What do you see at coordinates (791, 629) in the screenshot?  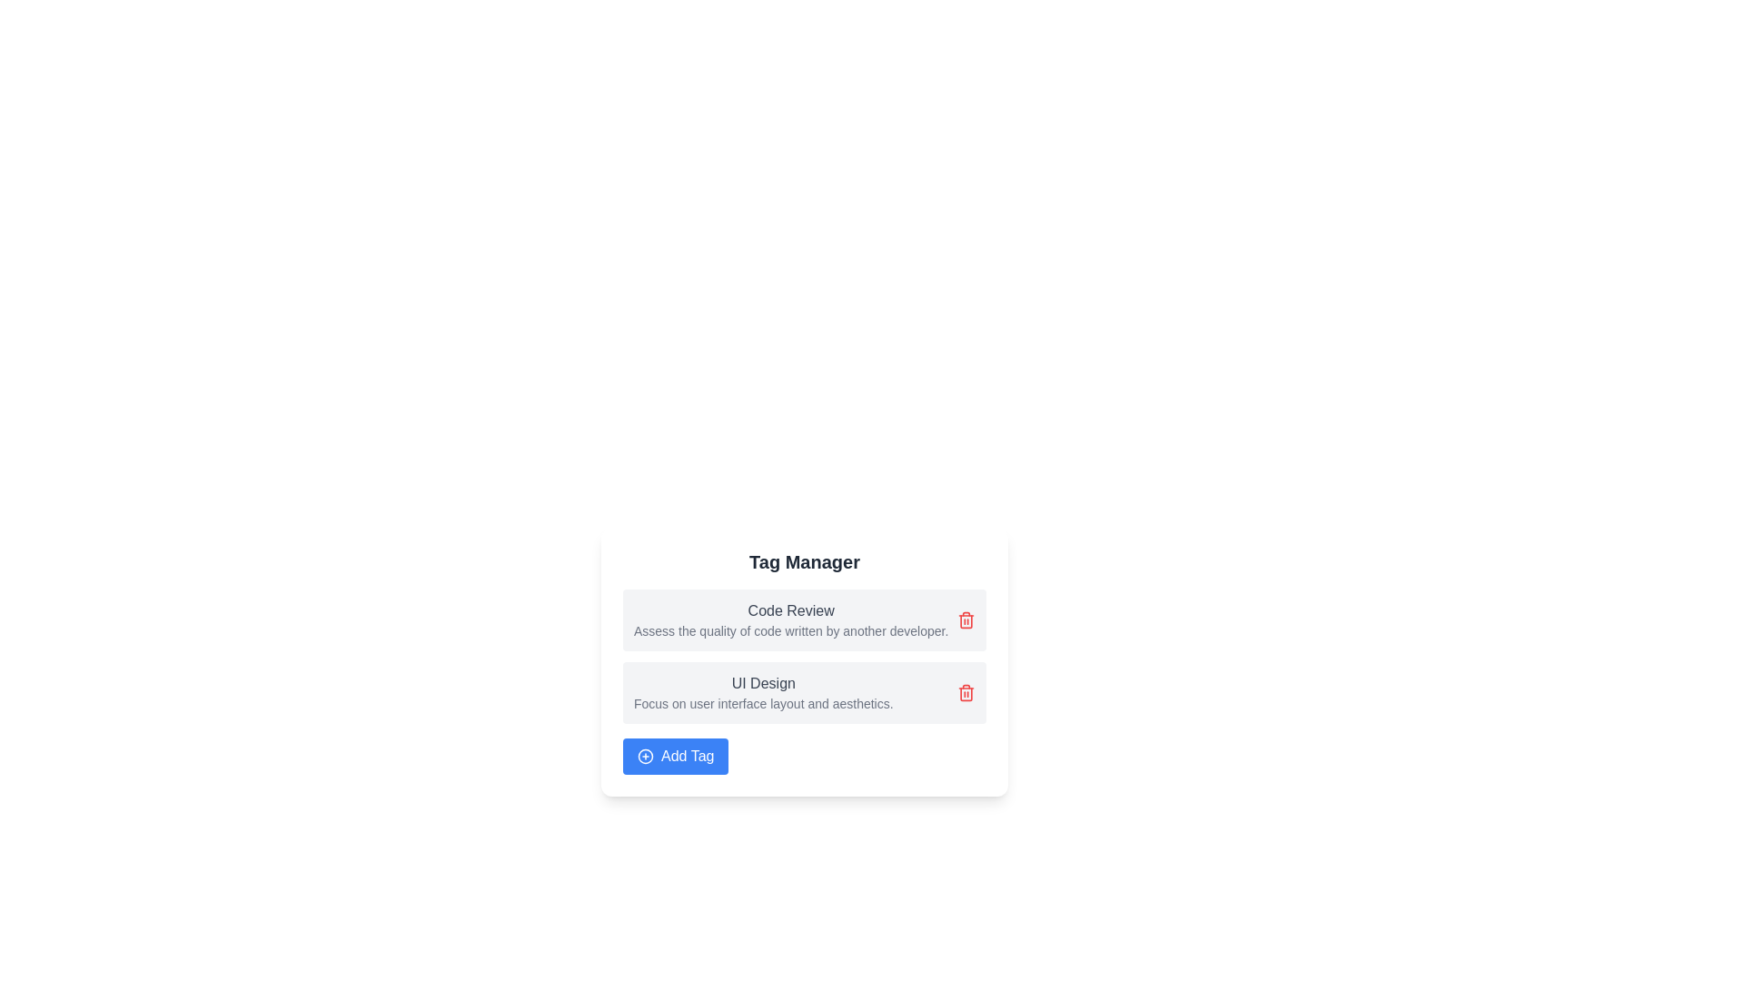 I see `the text block that contains the content 'Assess the quality of code written by another developer.', which is styled in a smaller font and gray color, located beneath the 'Code Review' heading` at bounding box center [791, 629].